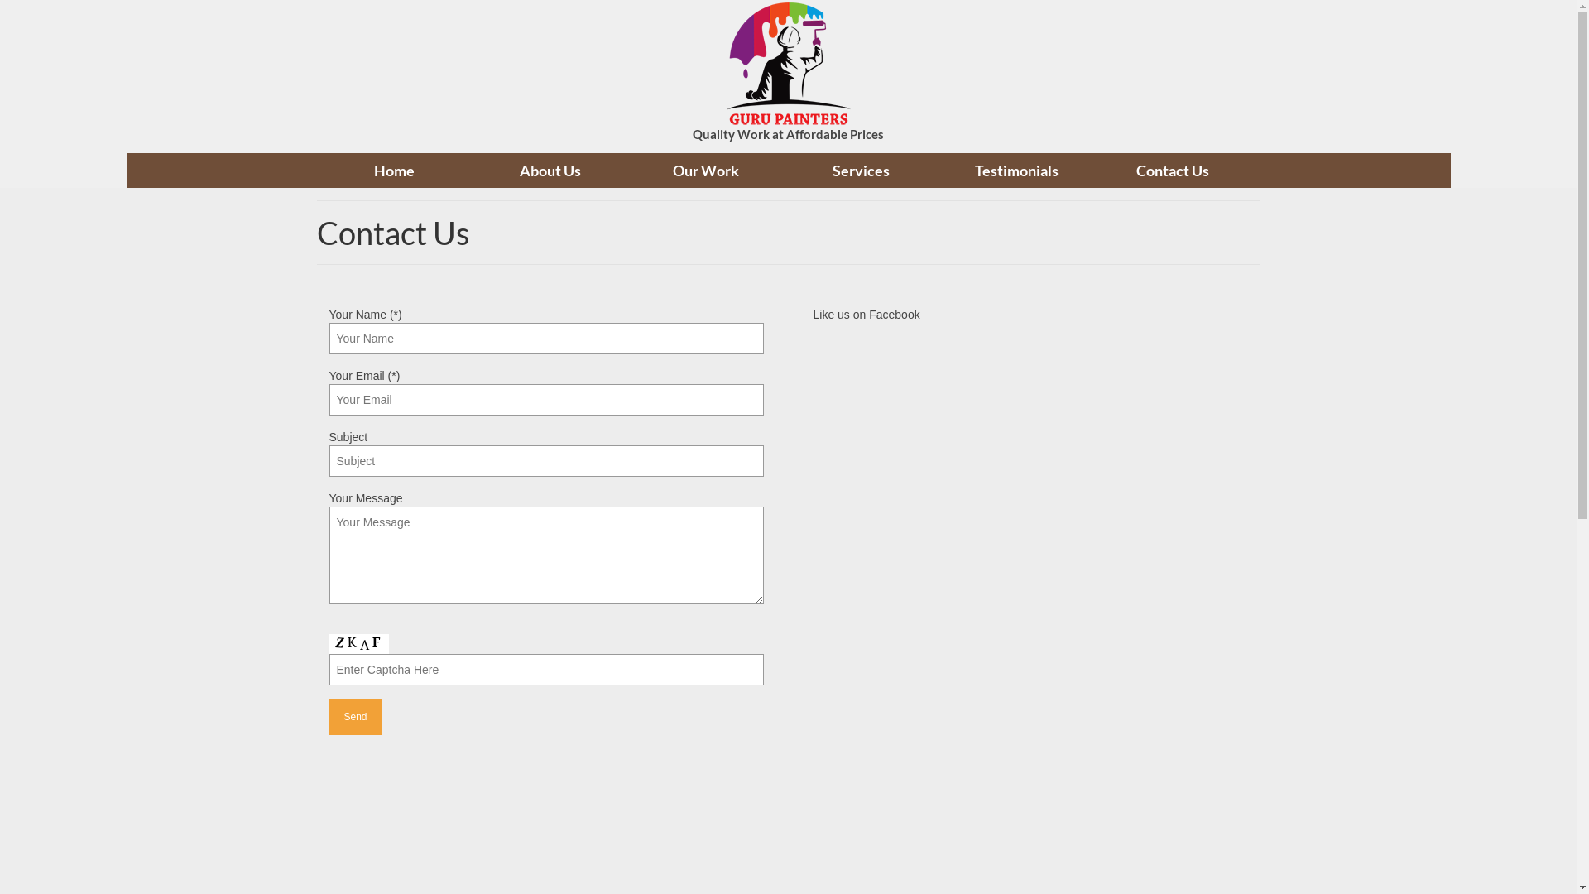 This screenshot has width=1589, height=894. What do you see at coordinates (861, 170) in the screenshot?
I see `'Services'` at bounding box center [861, 170].